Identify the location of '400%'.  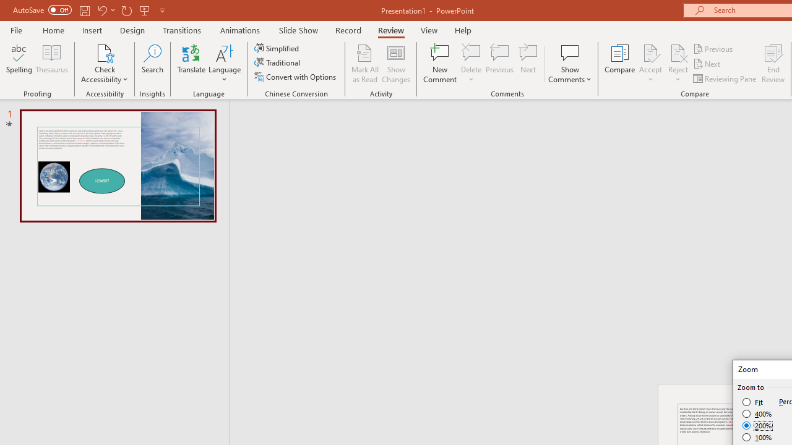
(757, 413).